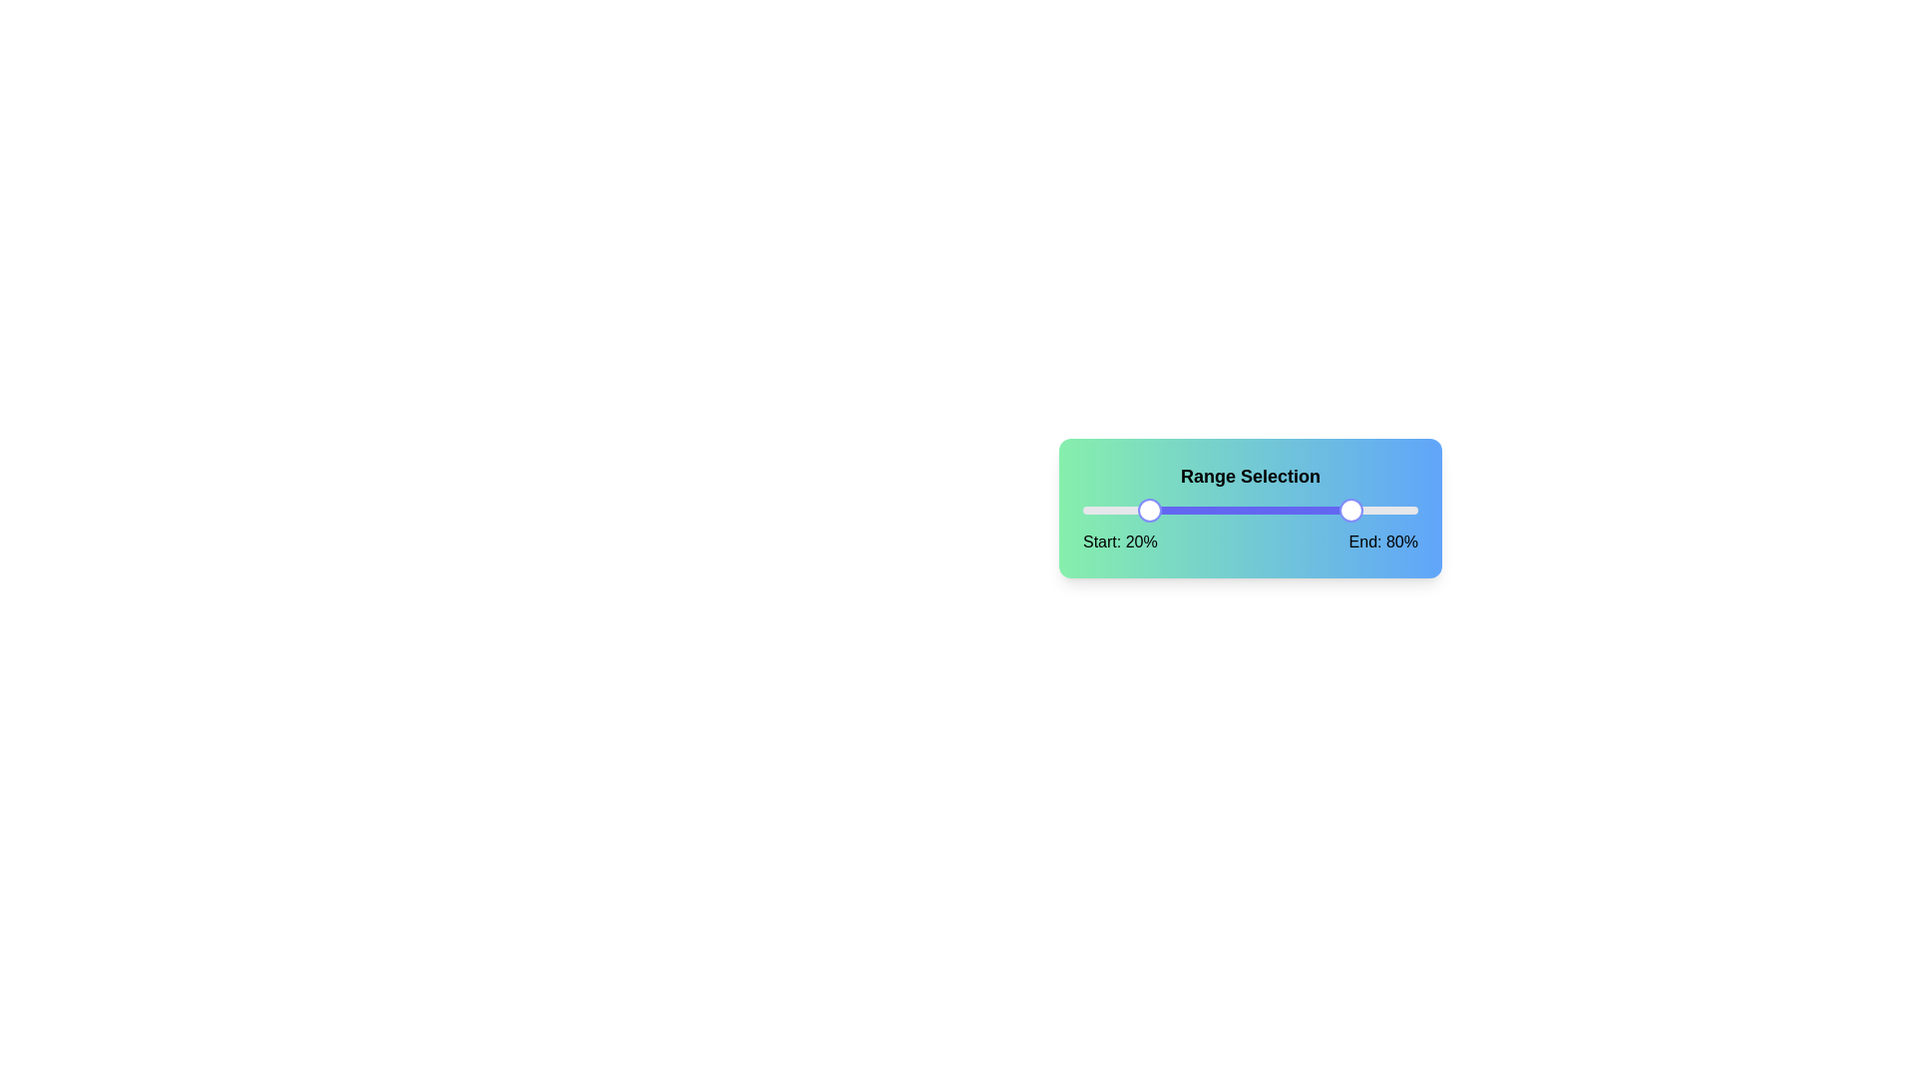 This screenshot has height=1077, width=1915. I want to click on the end value of the range slider, so click(1288, 510).